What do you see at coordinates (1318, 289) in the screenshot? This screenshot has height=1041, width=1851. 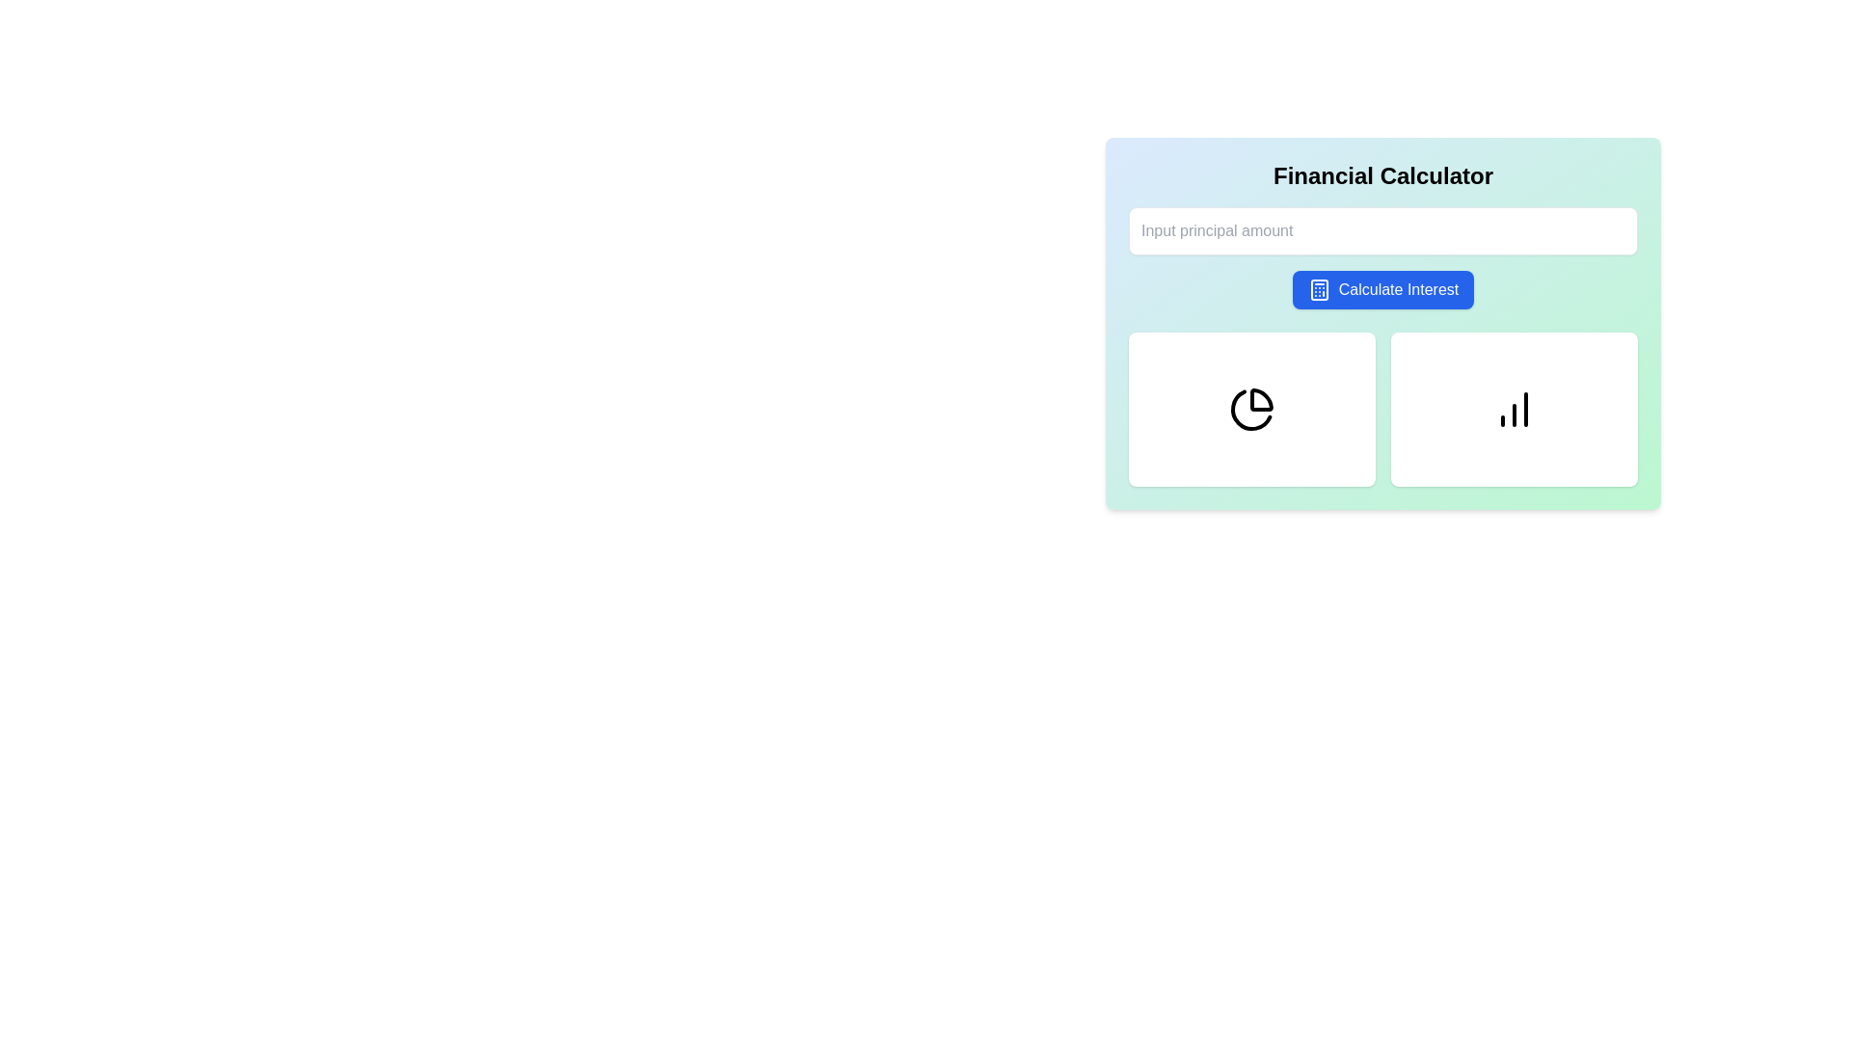 I see `the decorative SVG graphical element within the calculator icon on the 'Calculate Interest' button` at bounding box center [1318, 289].